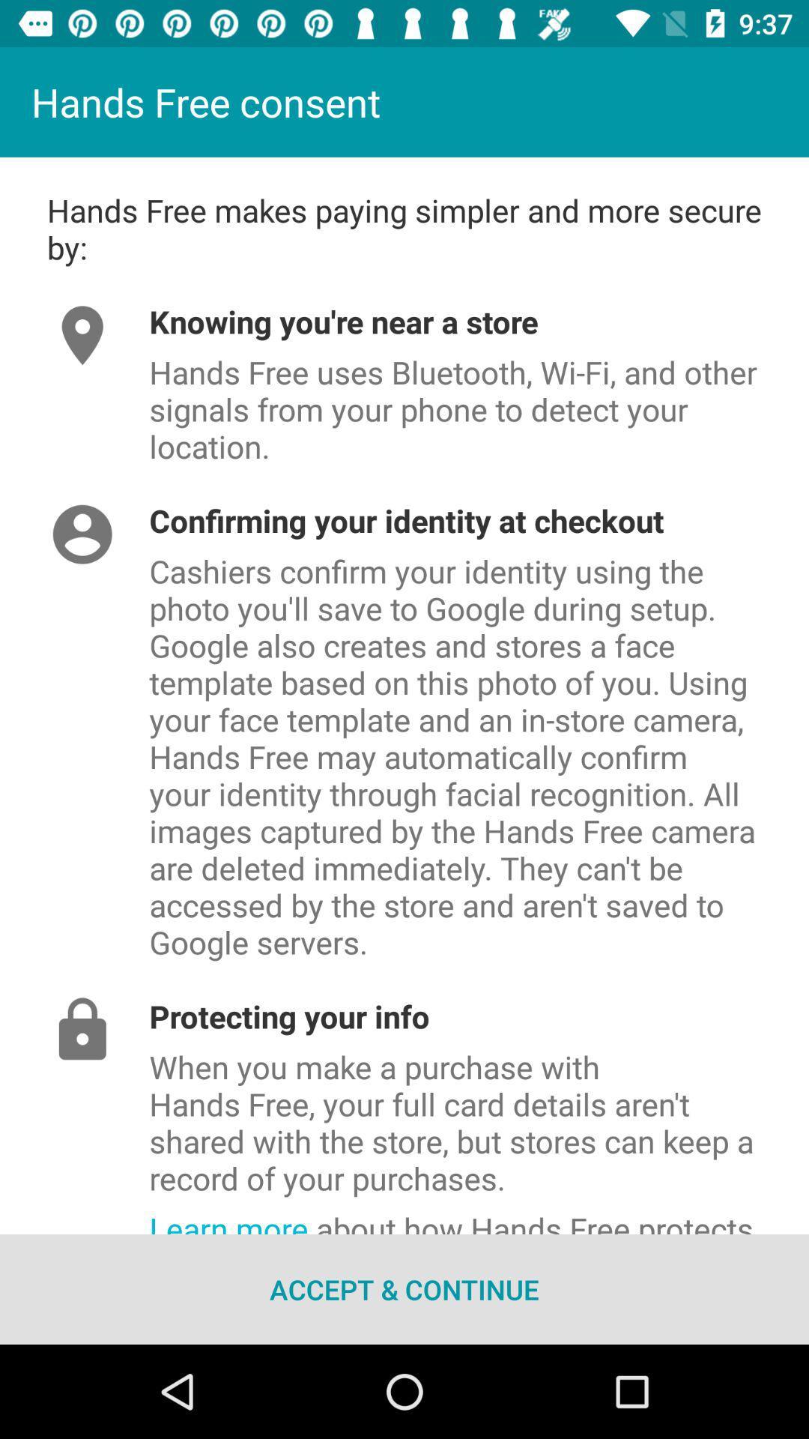 The height and width of the screenshot is (1439, 809). I want to click on learn more about item, so click(479, 1216).